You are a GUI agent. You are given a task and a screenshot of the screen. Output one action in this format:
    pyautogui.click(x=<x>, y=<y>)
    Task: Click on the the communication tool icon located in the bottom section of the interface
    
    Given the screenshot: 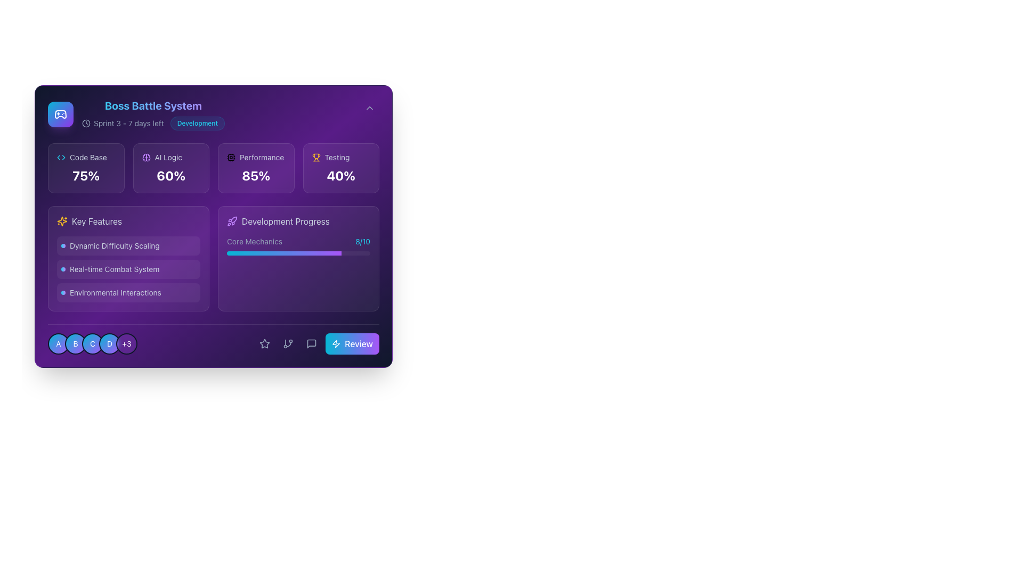 What is the action you would take?
    pyautogui.click(x=311, y=343)
    